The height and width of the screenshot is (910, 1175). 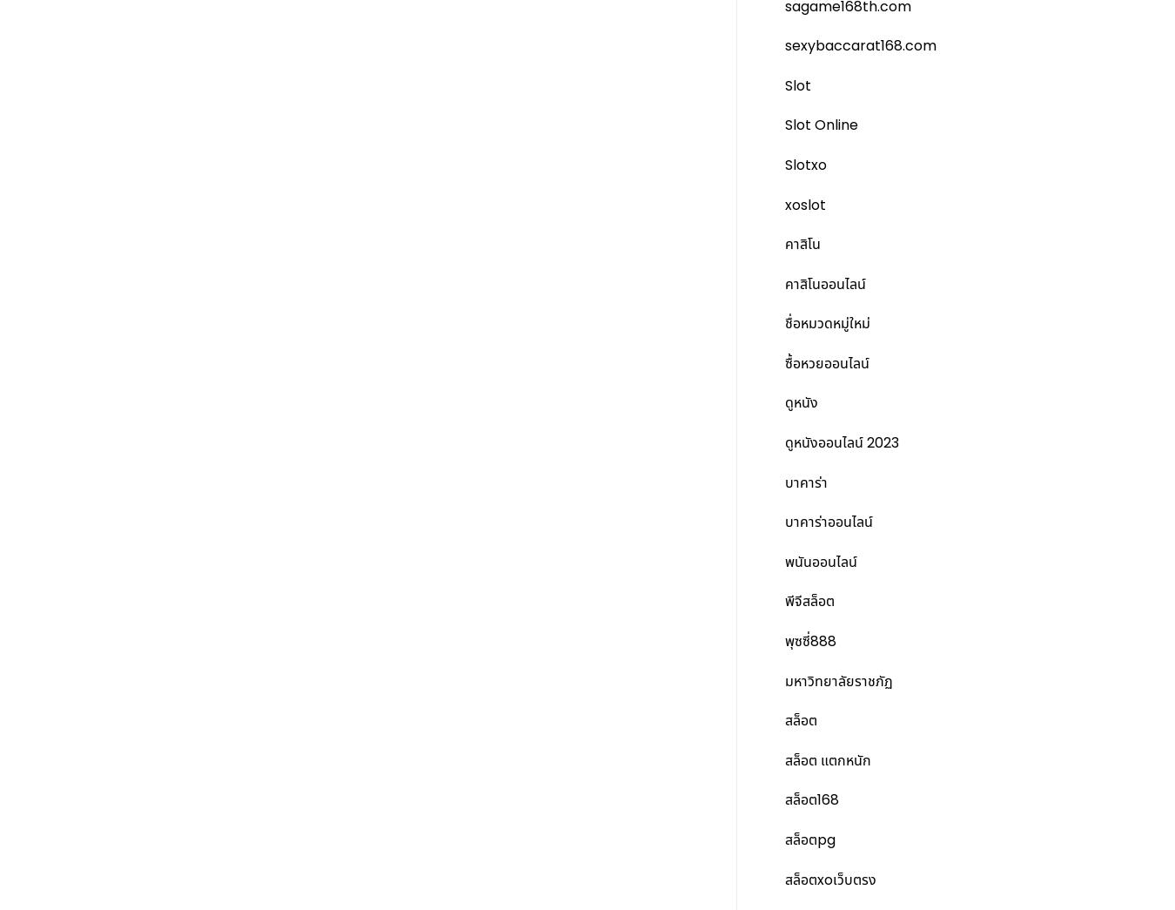 What do you see at coordinates (821, 124) in the screenshot?
I see `'Slot Online'` at bounding box center [821, 124].